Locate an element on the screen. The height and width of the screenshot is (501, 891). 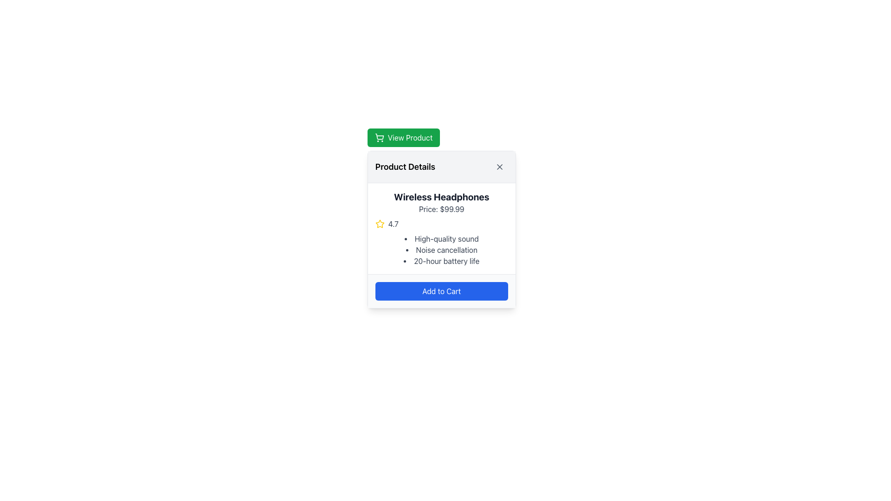
the text label displaying '4.7' in gray font, which is positioned to the right of a yellow star icon and centrally located beneath the title 'Wireless Headphones' is located at coordinates (393, 224).